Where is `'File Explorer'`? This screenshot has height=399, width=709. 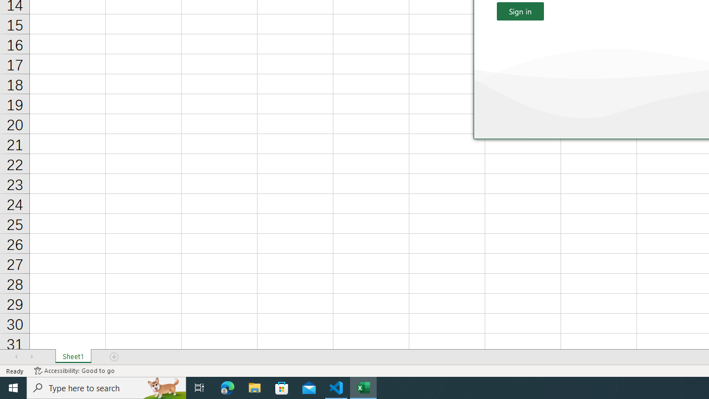
'File Explorer' is located at coordinates (254, 387).